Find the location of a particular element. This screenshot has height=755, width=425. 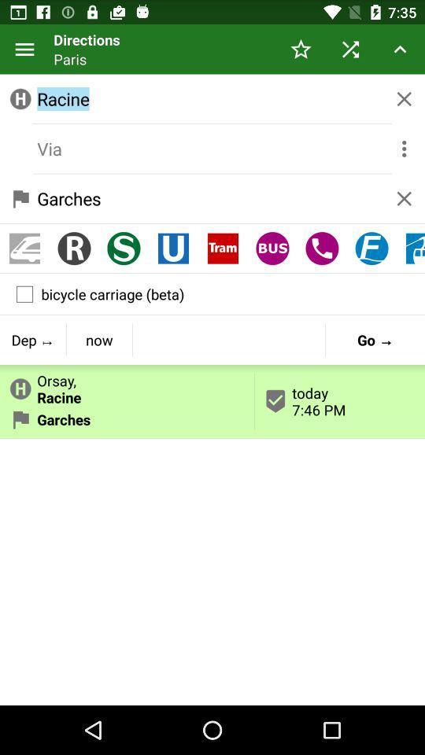

button next to the today 7 46 is located at coordinates (99, 340).